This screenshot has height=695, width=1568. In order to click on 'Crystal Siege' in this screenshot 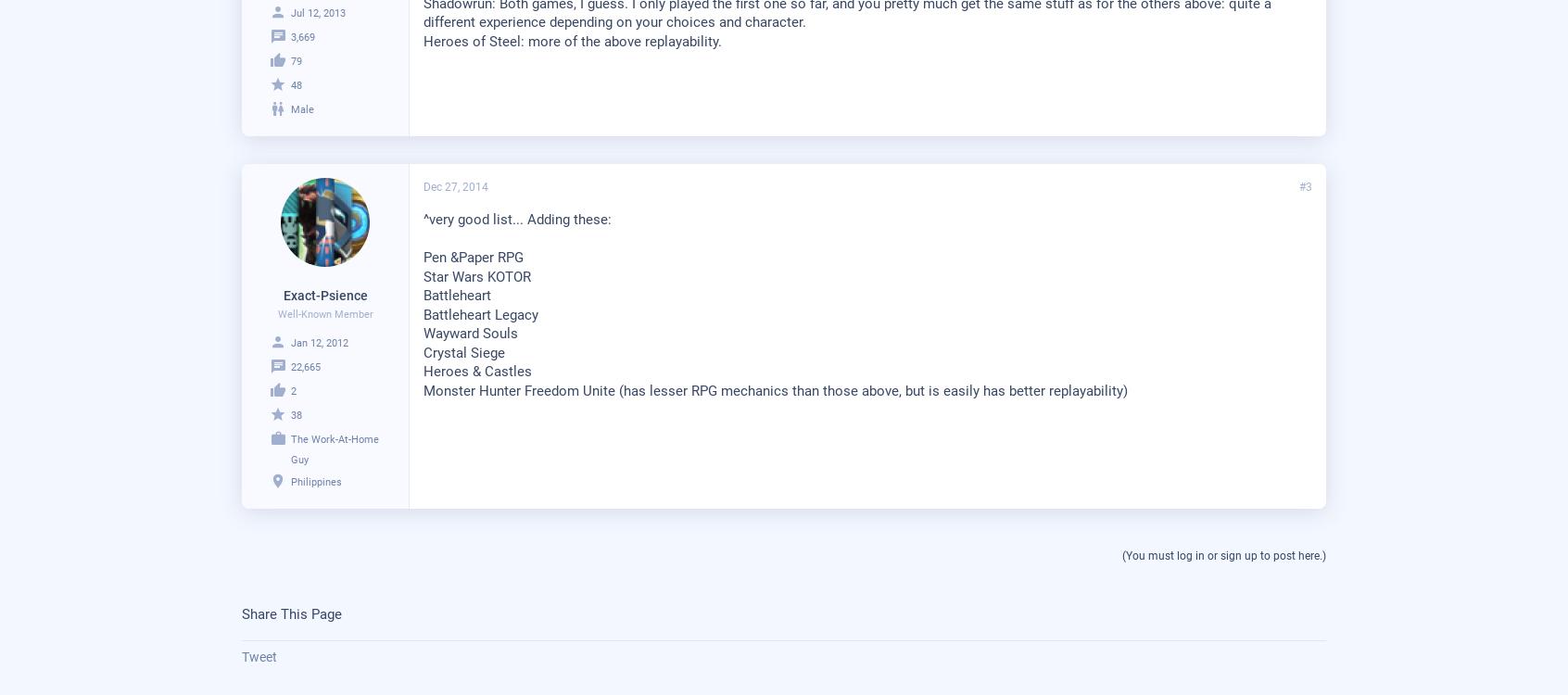, I will do `click(464, 352)`.